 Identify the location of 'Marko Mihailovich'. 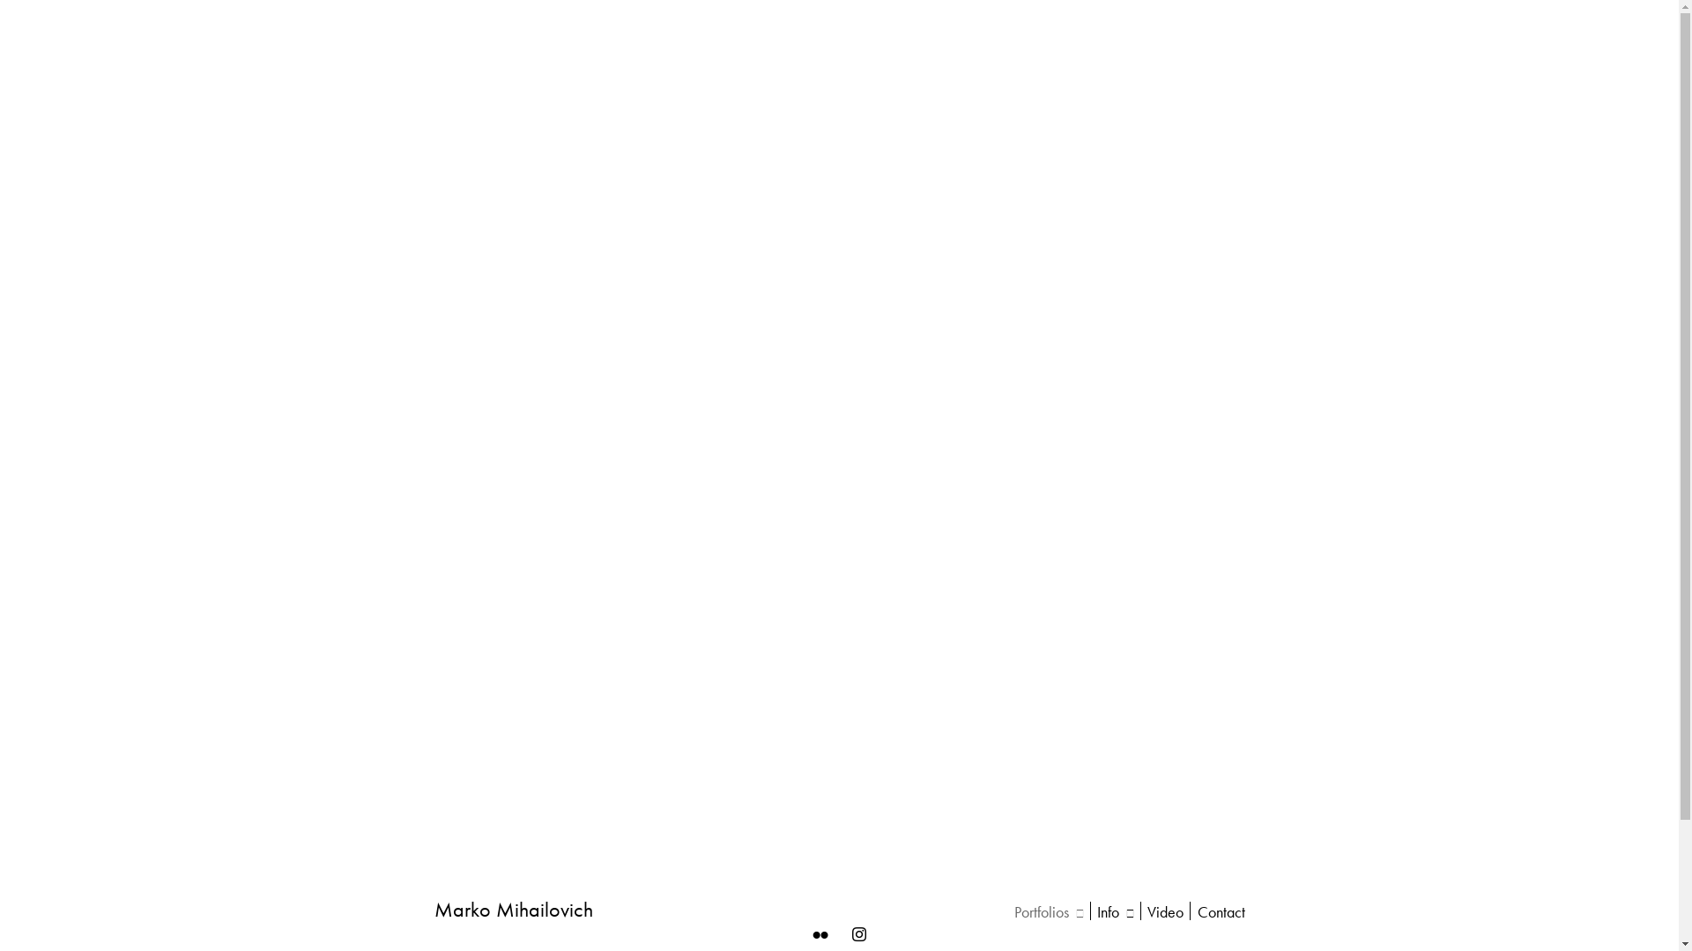
(511, 909).